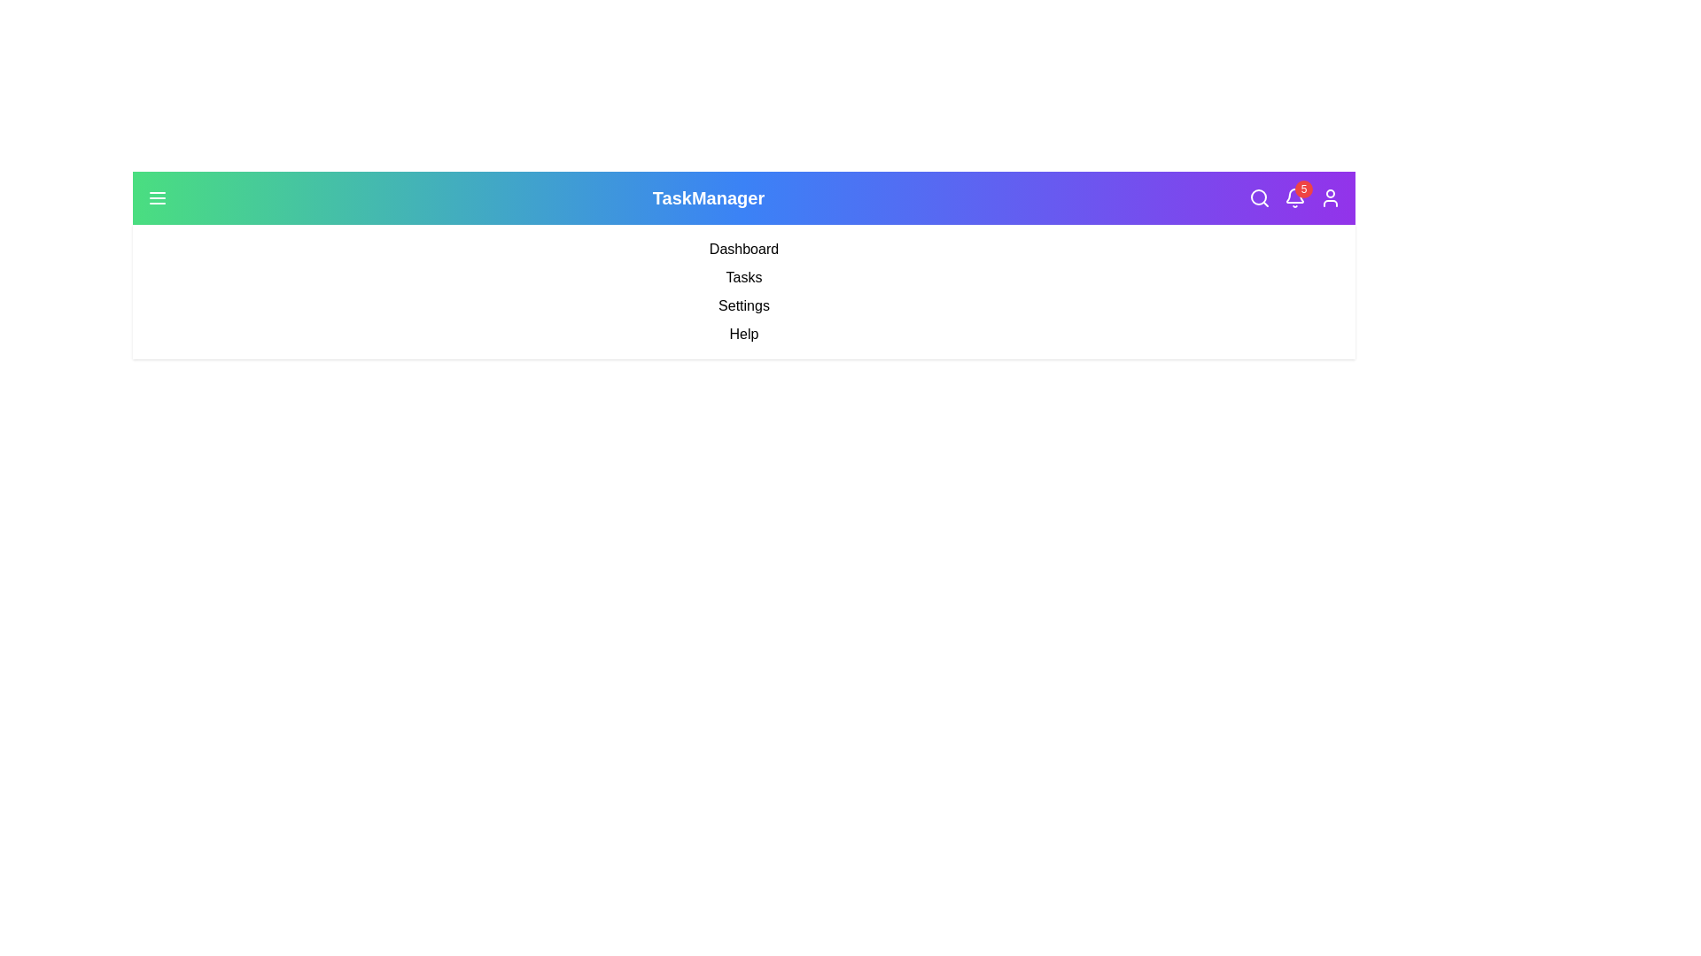  I want to click on the Notification Badge element, which is a small circular badge with a red background and white text displaying the number '5', located at the top-right corner of the bell icon in the navigation bar, so click(1304, 189).